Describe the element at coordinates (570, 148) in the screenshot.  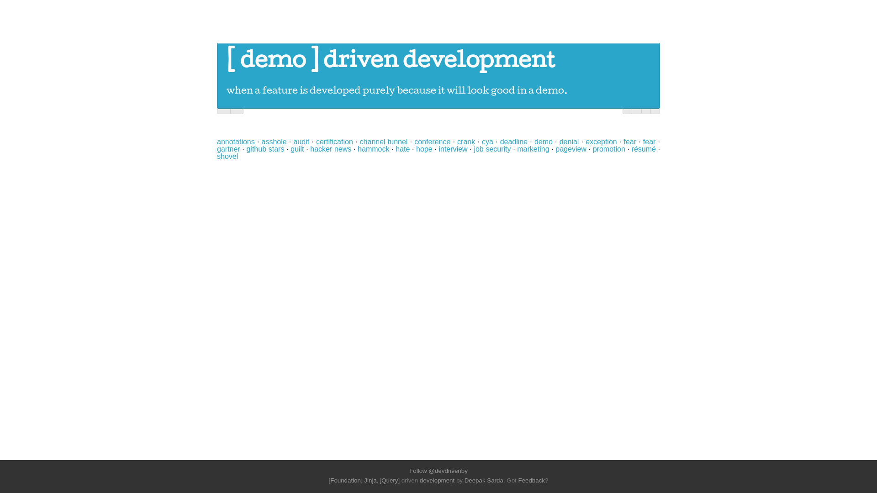
I see `'pageview'` at that location.